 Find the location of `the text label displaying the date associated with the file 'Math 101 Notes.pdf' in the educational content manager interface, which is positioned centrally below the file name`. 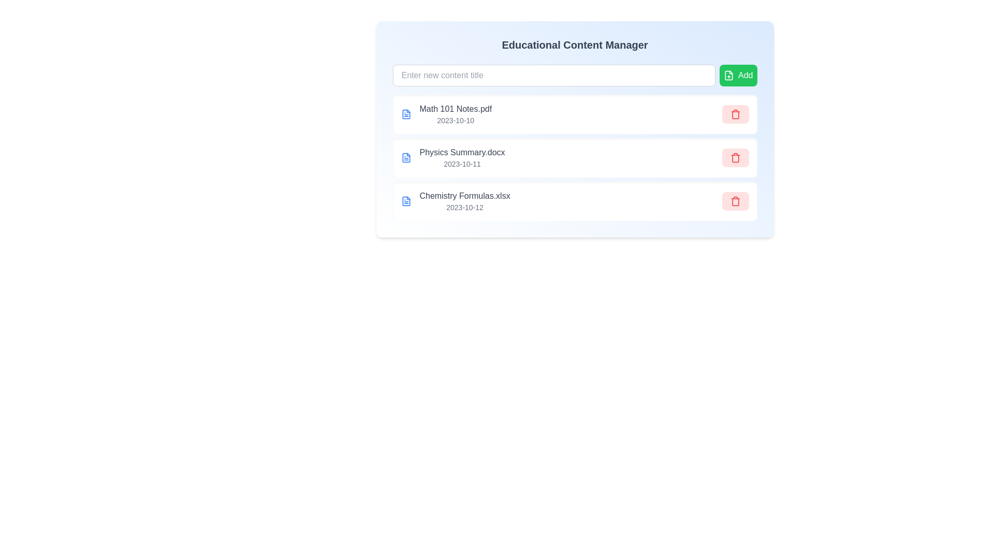

the text label displaying the date associated with the file 'Math 101 Notes.pdf' in the educational content manager interface, which is positioned centrally below the file name is located at coordinates (456, 120).